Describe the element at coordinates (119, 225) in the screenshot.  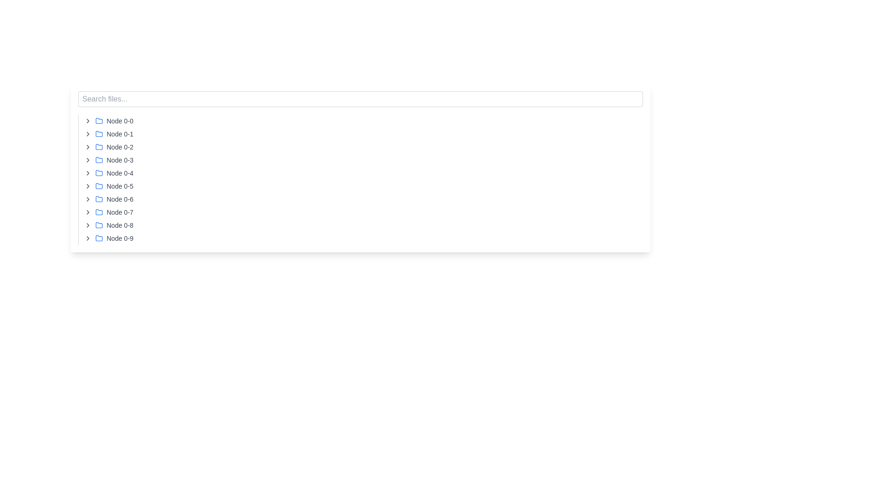
I see `the label 'Node 0-8' in the hierarchical tree view` at that location.